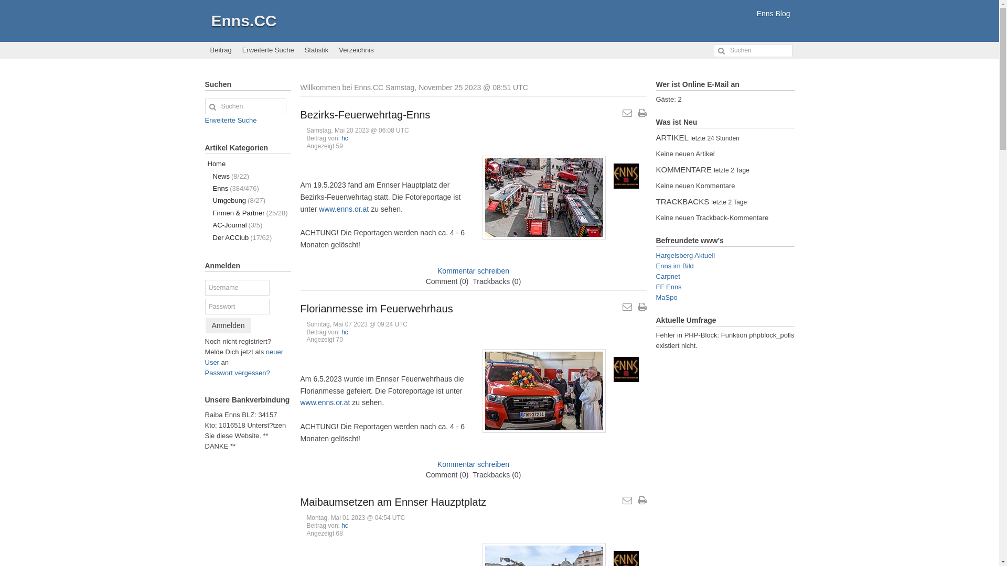 The width and height of the screenshot is (1007, 566). I want to click on 'hc', so click(341, 331).